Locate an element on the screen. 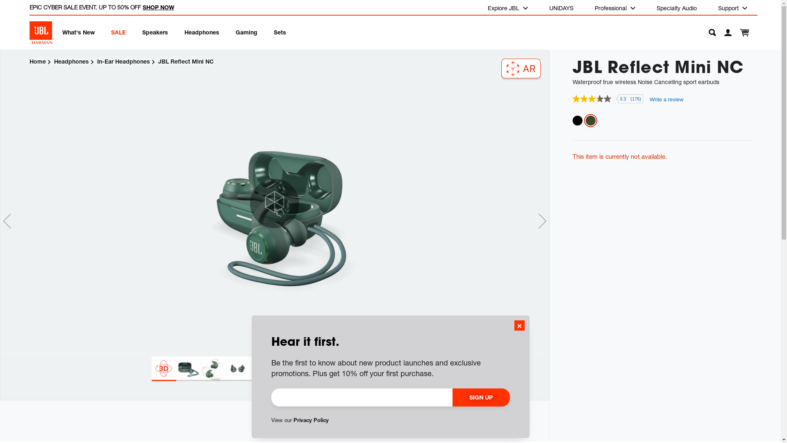 The height and width of the screenshot is (443, 787). 'UNiDAYS' is located at coordinates (561, 8).